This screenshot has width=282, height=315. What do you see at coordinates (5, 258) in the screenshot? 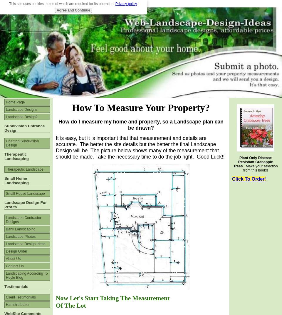
I see `'About Us'` at bounding box center [5, 258].